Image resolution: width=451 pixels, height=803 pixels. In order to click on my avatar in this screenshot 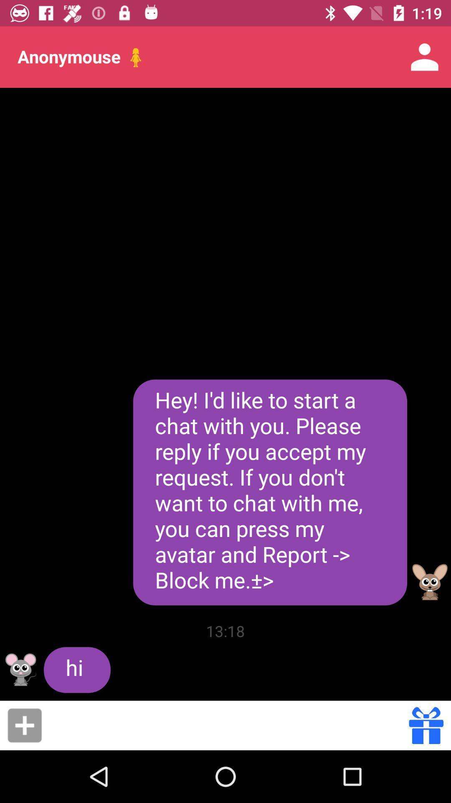, I will do `click(20, 670)`.